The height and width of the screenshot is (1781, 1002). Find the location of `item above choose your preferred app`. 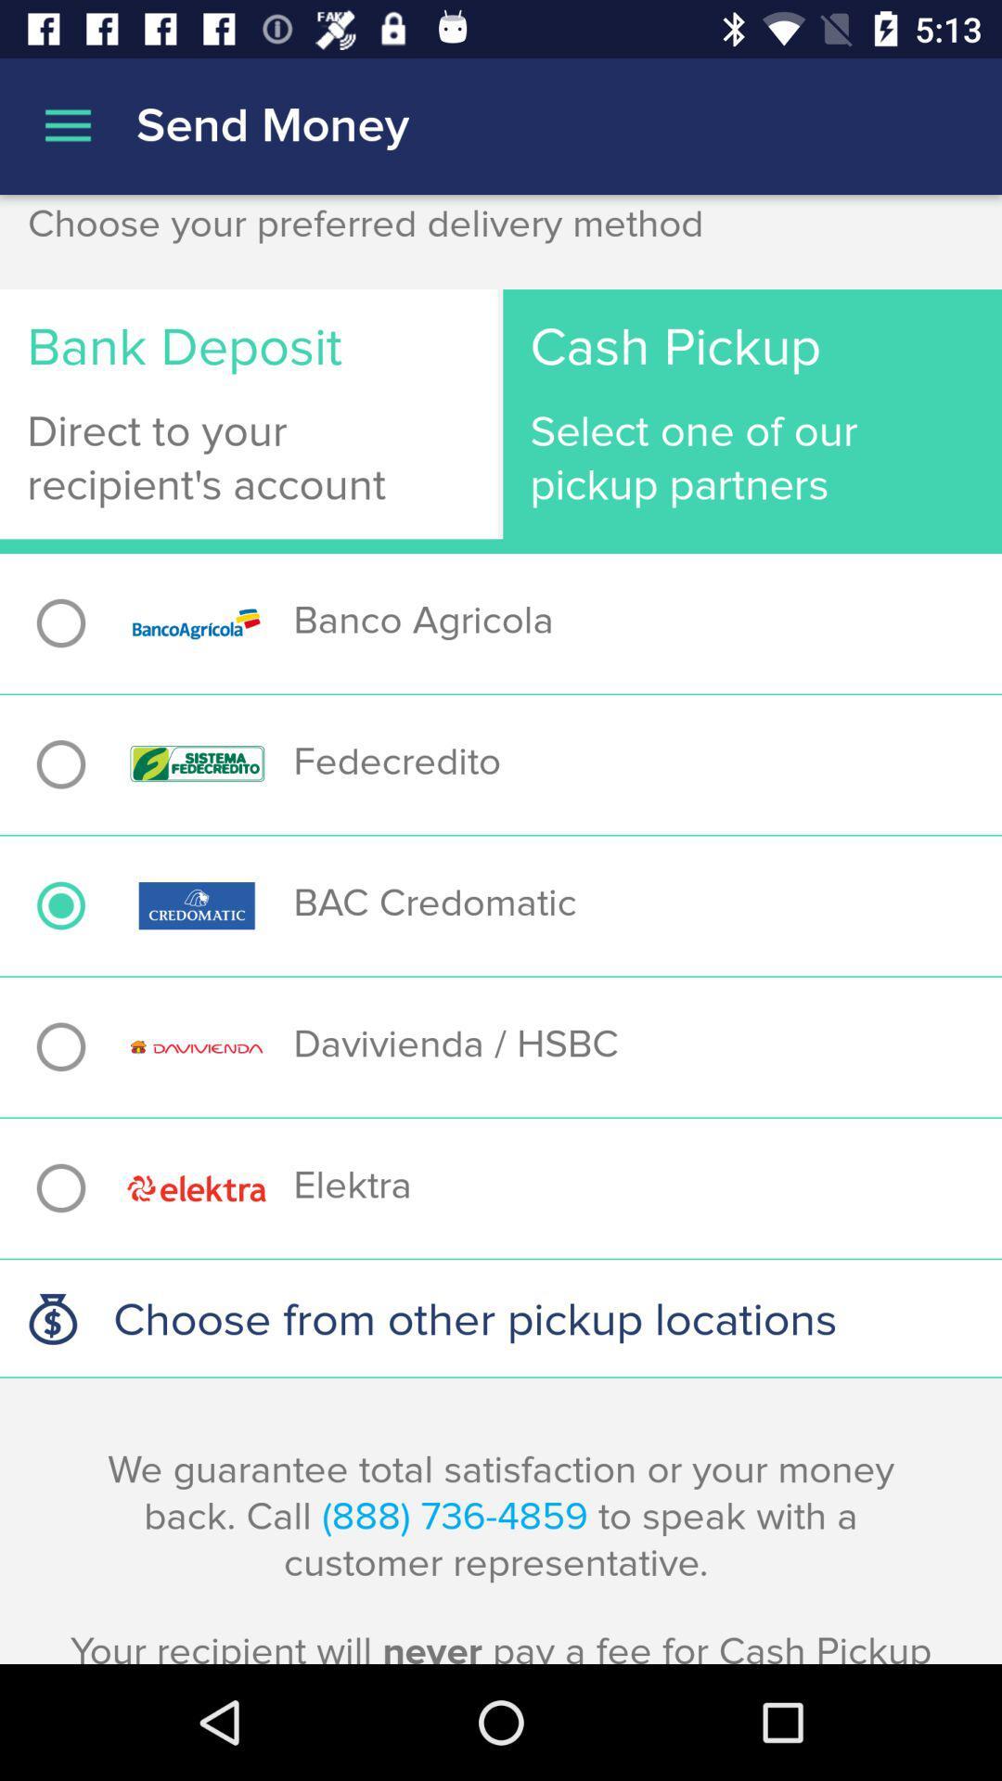

item above choose your preferred app is located at coordinates (946, 198).